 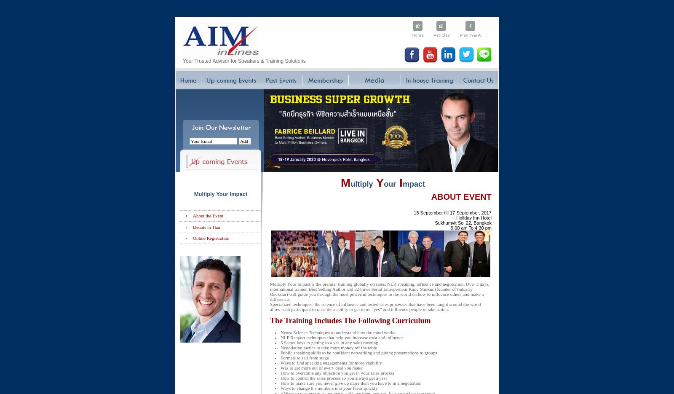 I want to click on 'Become our Partner', so click(x=197, y=51).